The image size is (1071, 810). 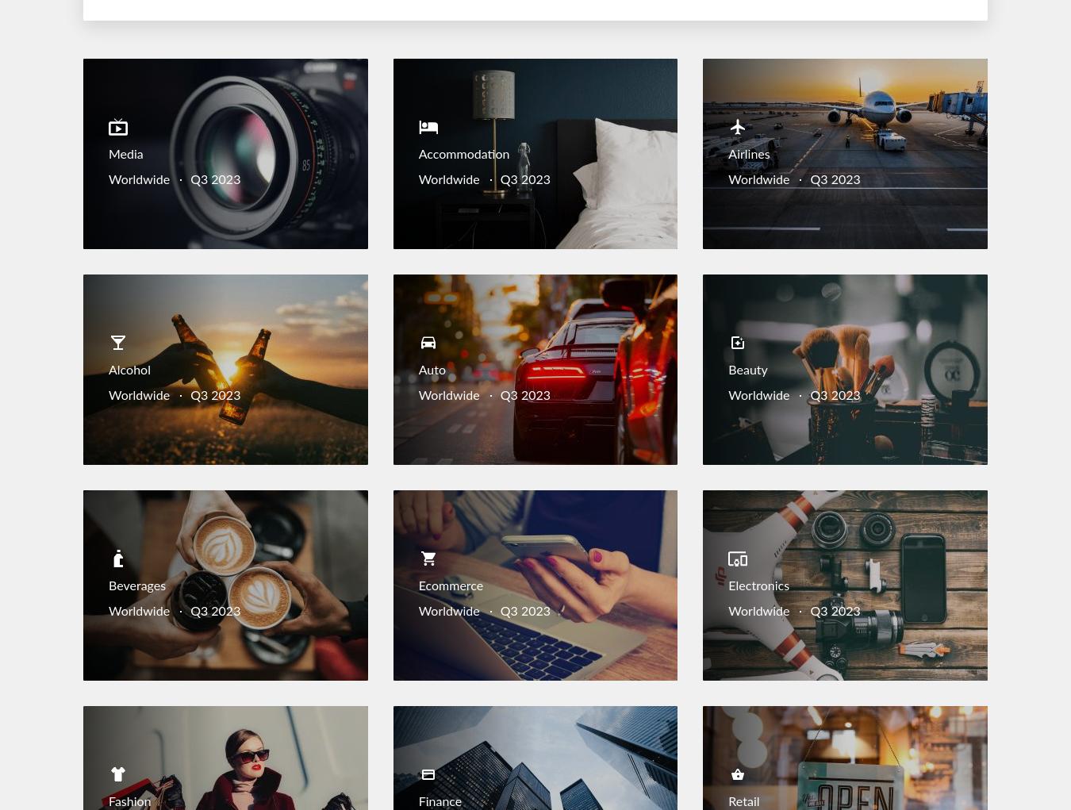 I want to click on 'Accommodation', so click(x=463, y=154).